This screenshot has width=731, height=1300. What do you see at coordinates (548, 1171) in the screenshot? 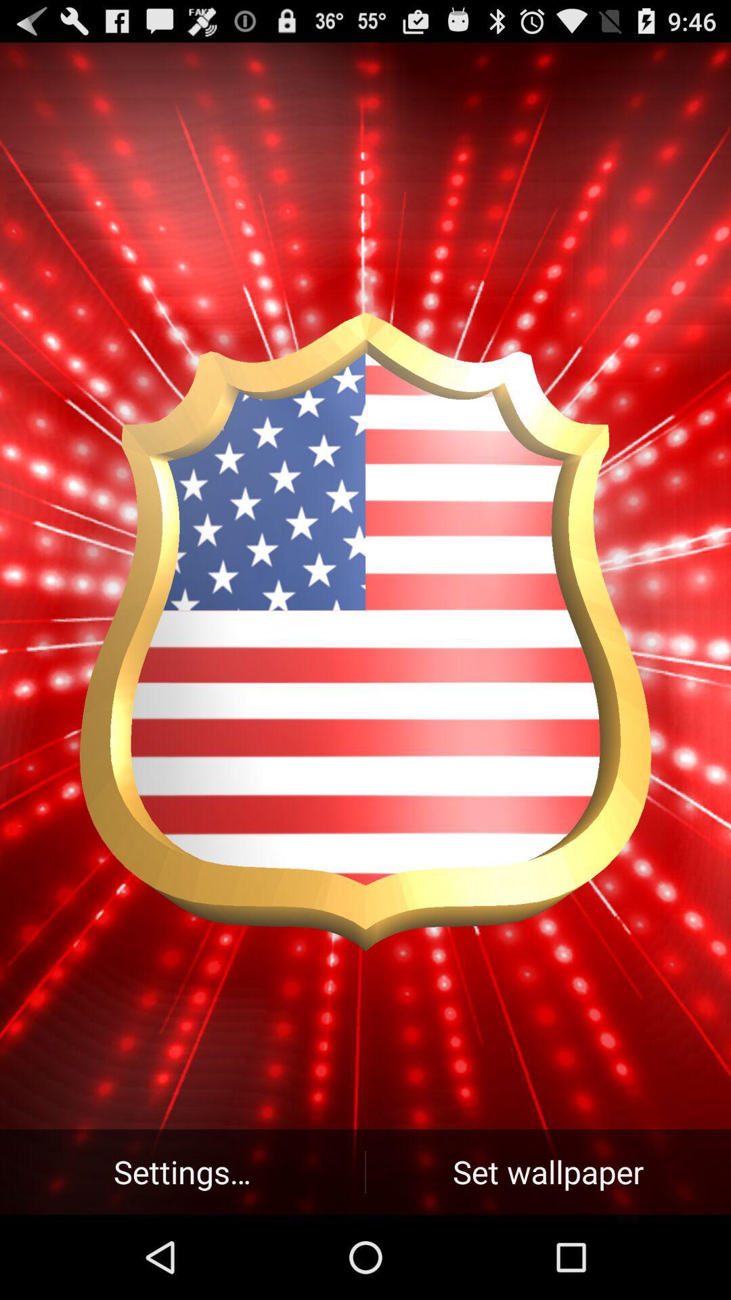
I see `the set wallpaper` at bounding box center [548, 1171].